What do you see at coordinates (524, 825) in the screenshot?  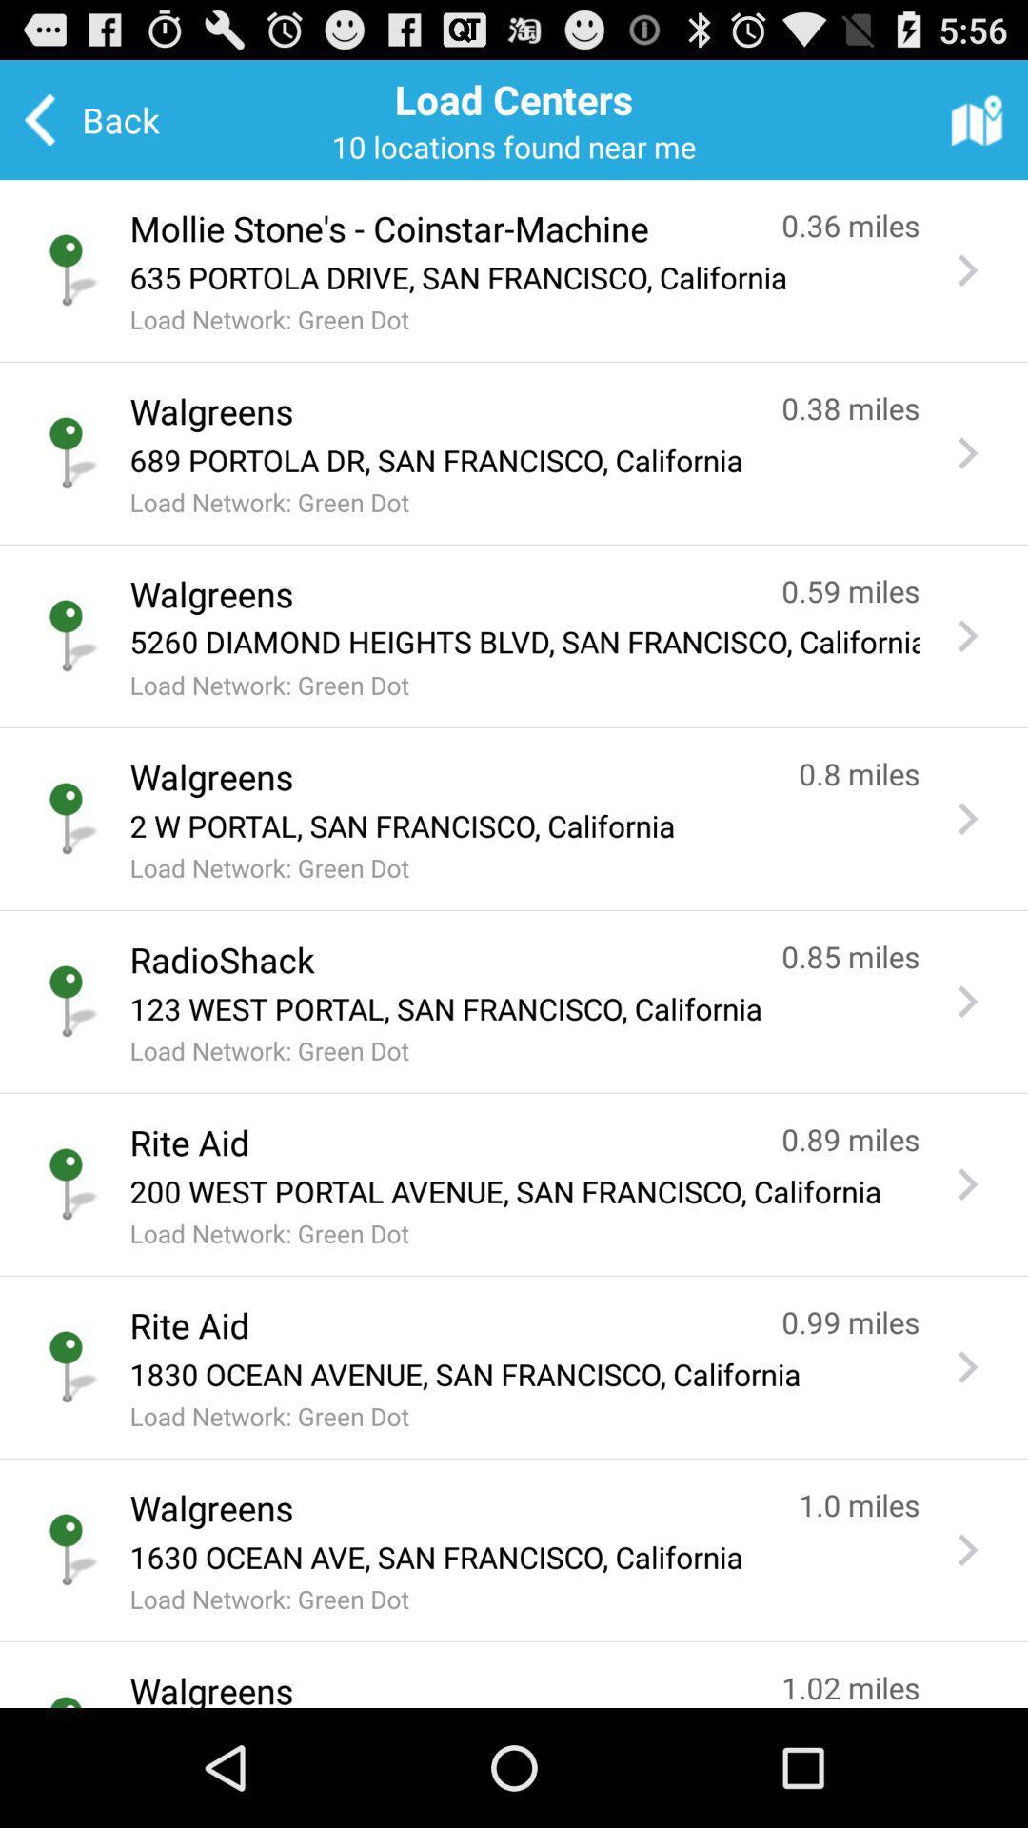 I see `the icon below the walgreens app` at bounding box center [524, 825].